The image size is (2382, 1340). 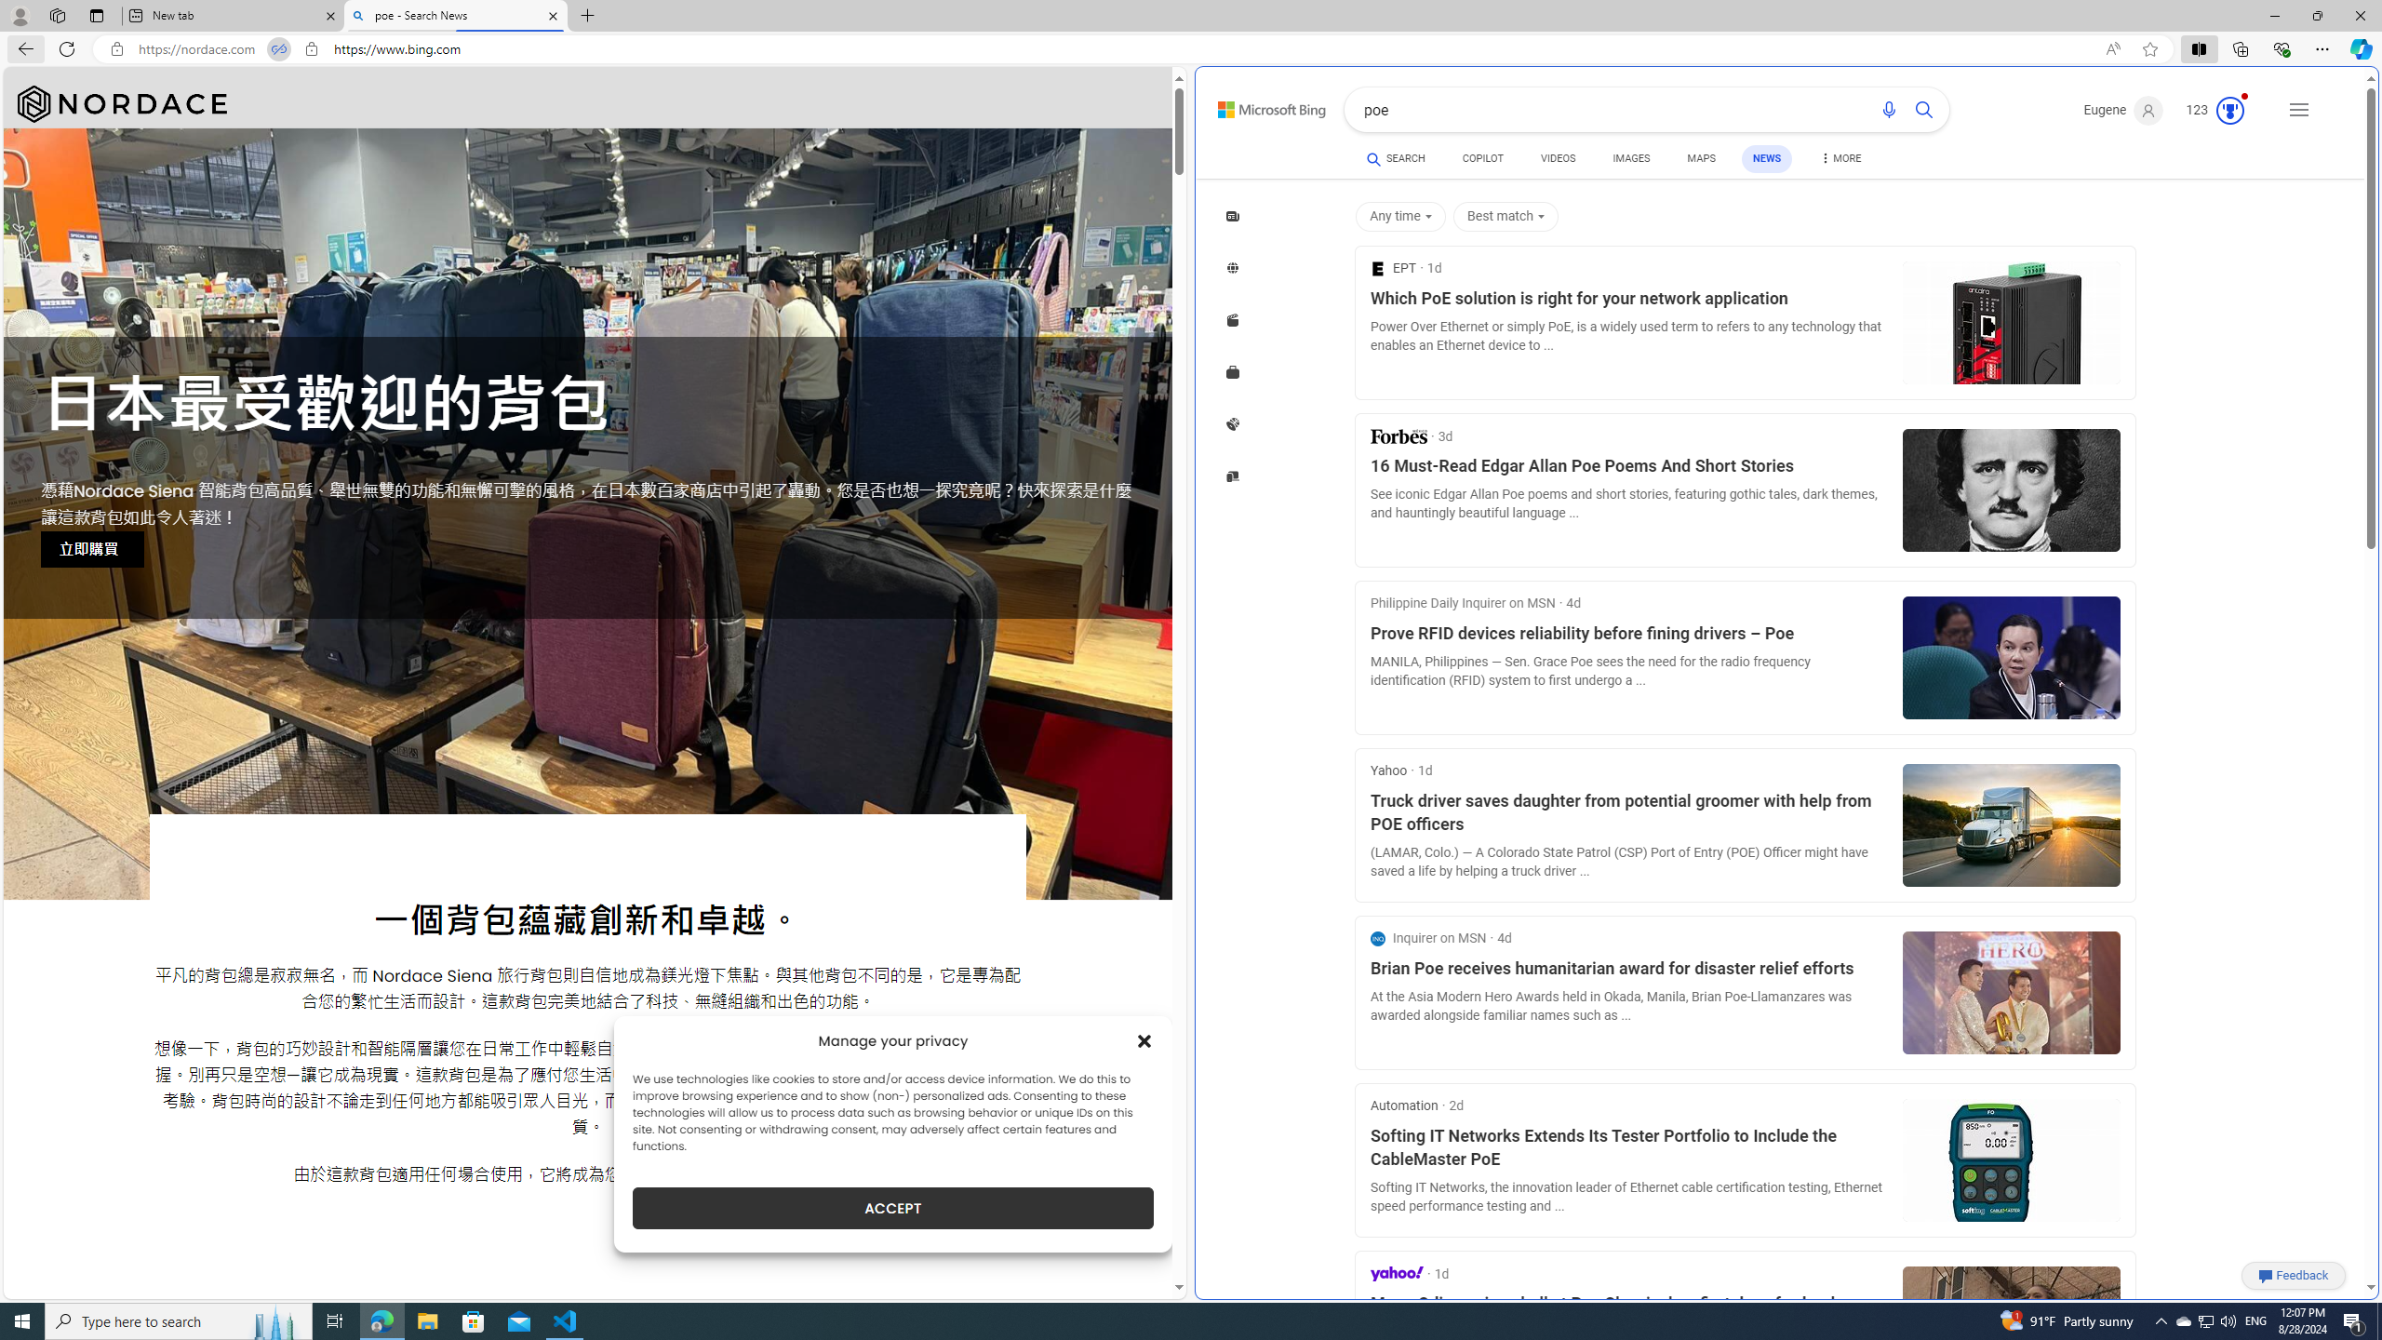 I want to click on 'NEWS', so click(x=1767, y=157).